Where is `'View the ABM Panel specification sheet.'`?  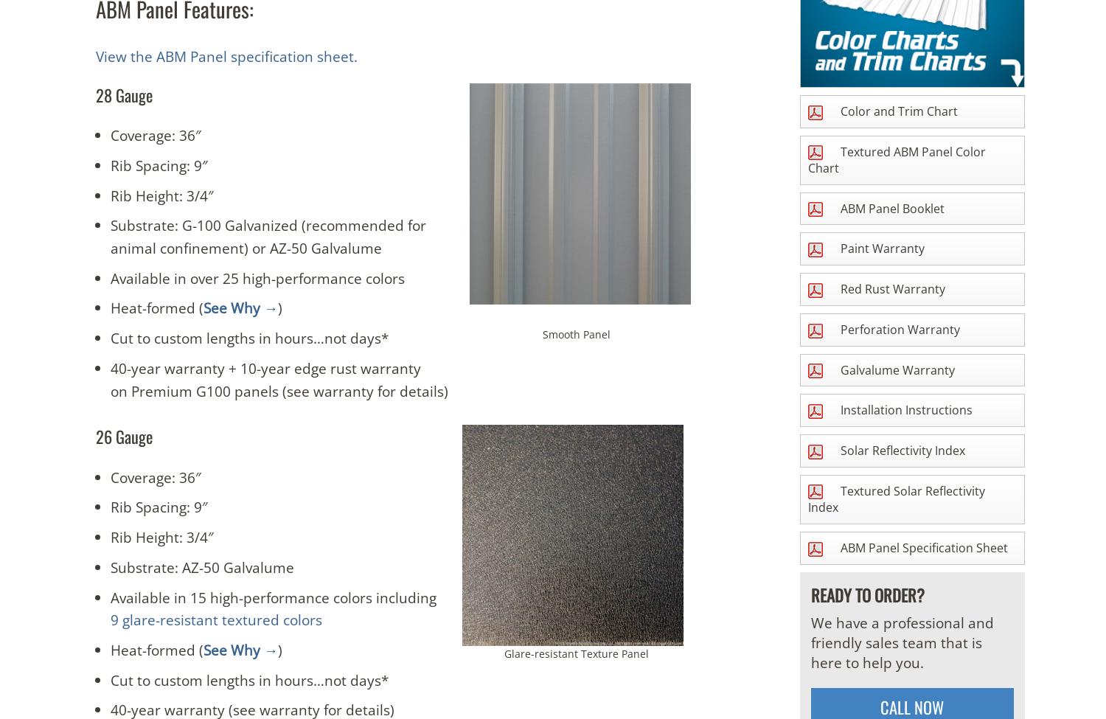 'View the ABM Panel specification sheet.' is located at coordinates (226, 56).